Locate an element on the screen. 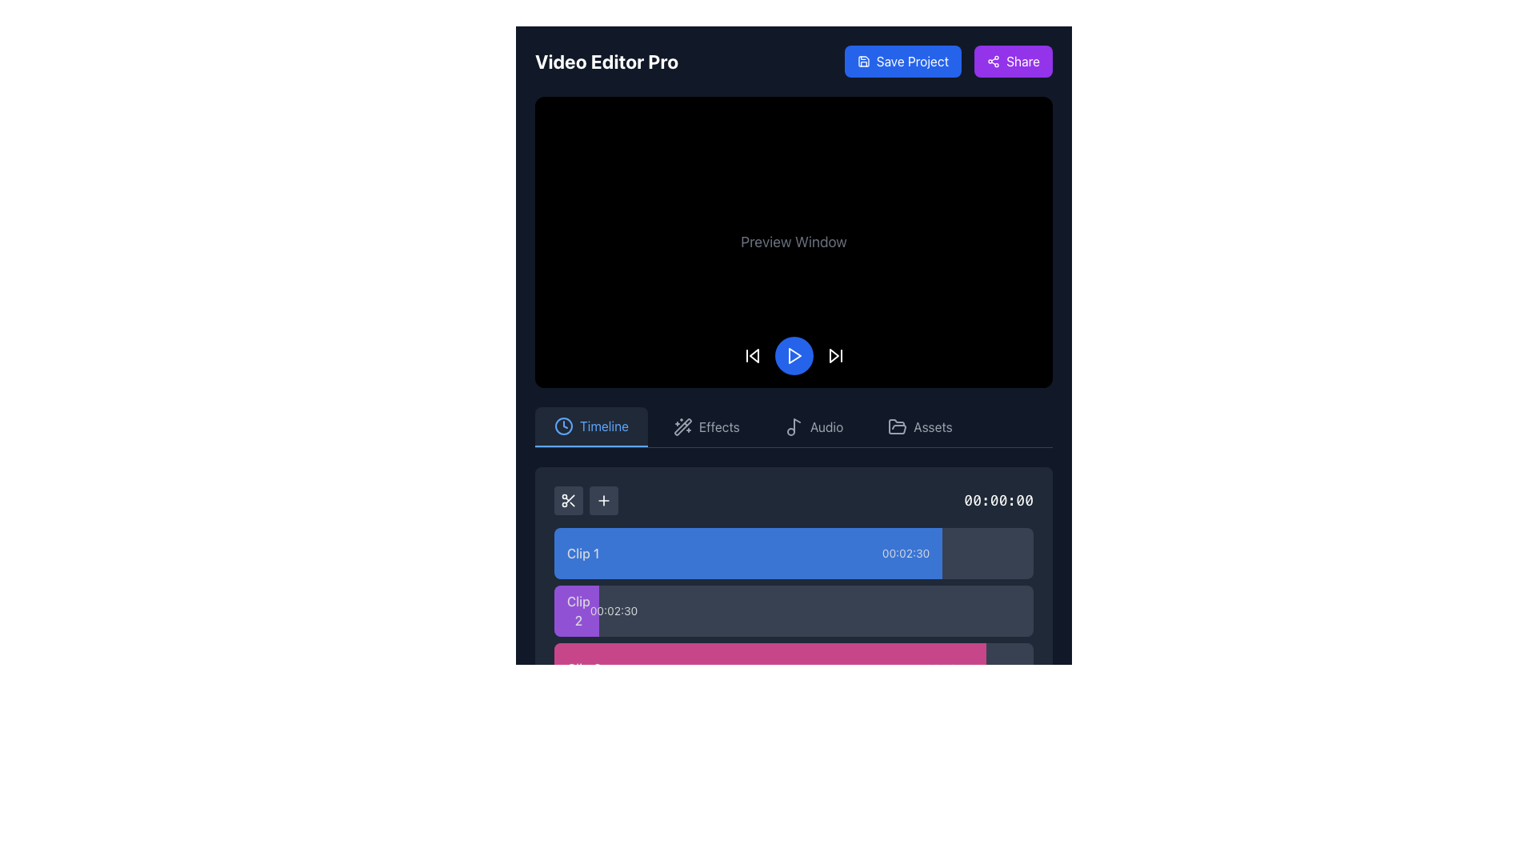  the save icon located in the upper right corner of the 'Save Project' button, which is blue and positioned next to the 'Share' button is located at coordinates (862, 61).